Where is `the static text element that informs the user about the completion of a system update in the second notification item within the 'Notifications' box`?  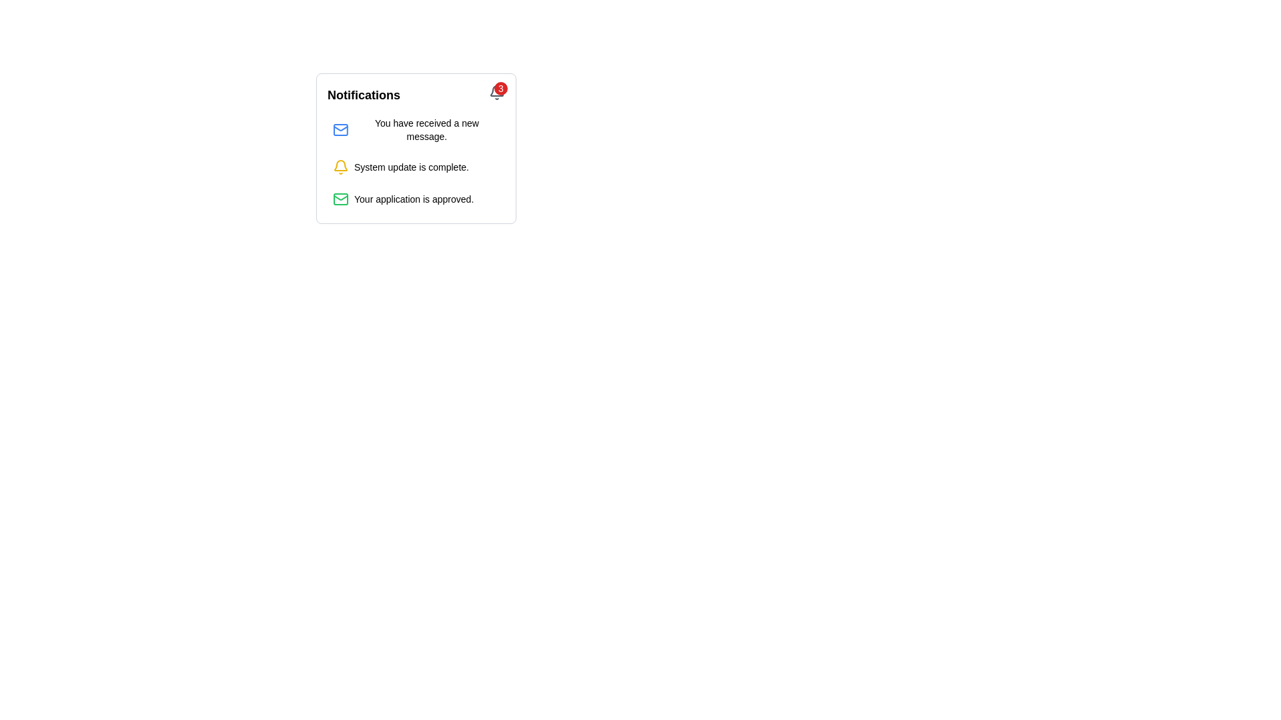
the static text element that informs the user about the completion of a system update in the second notification item within the 'Notifications' box is located at coordinates (410, 166).